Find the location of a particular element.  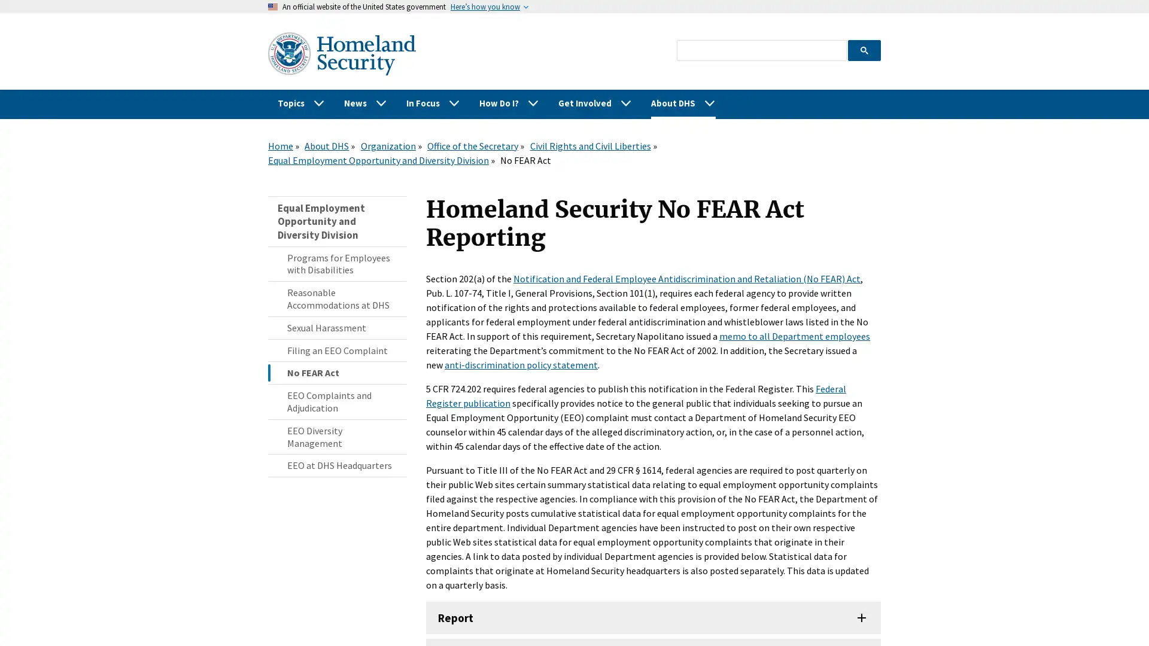

Topics is located at coordinates (301, 102).